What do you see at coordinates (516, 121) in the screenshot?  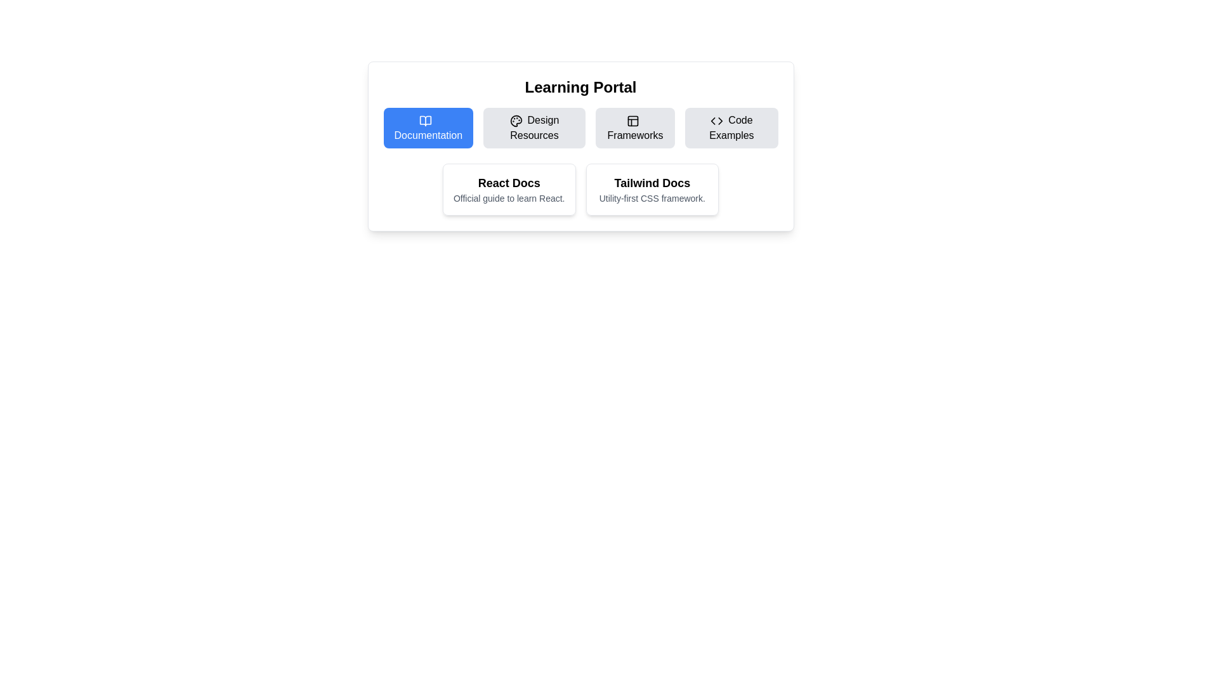 I see `the palette icon representing the 'Design Resources' button, which is part of a horizontal button menu at the top of the interface` at bounding box center [516, 121].